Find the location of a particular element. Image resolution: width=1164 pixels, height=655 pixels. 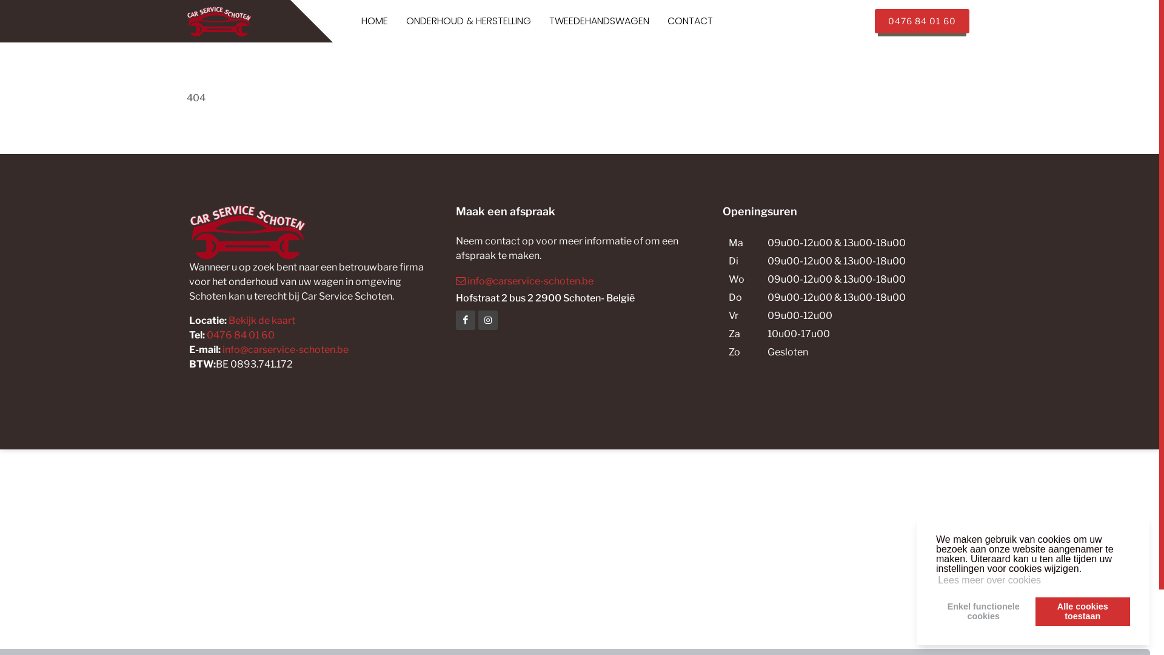

'CONTACT' is located at coordinates (690, 21).